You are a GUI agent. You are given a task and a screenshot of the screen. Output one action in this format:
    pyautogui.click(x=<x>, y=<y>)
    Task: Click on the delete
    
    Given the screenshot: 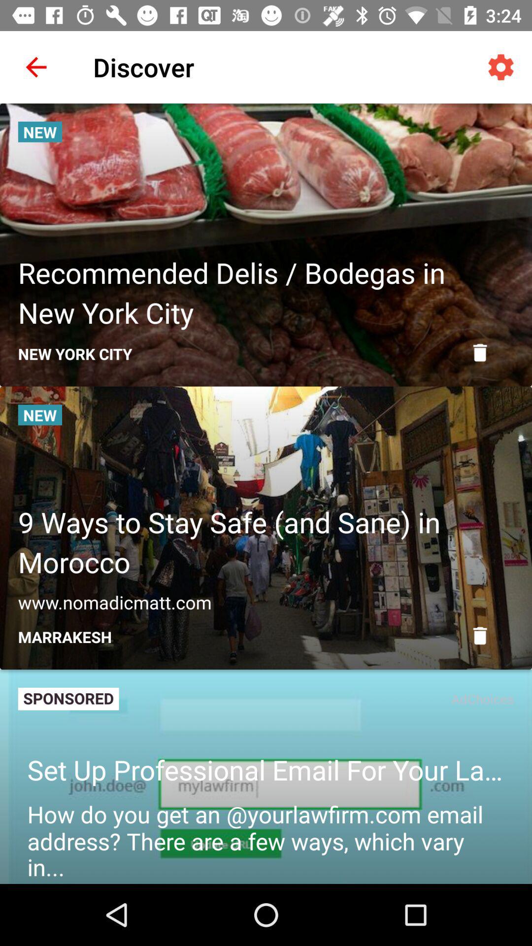 What is the action you would take?
    pyautogui.click(x=479, y=636)
    